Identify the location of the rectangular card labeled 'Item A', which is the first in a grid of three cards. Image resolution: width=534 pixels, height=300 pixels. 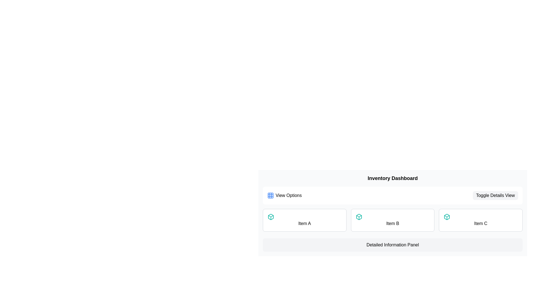
(304, 220).